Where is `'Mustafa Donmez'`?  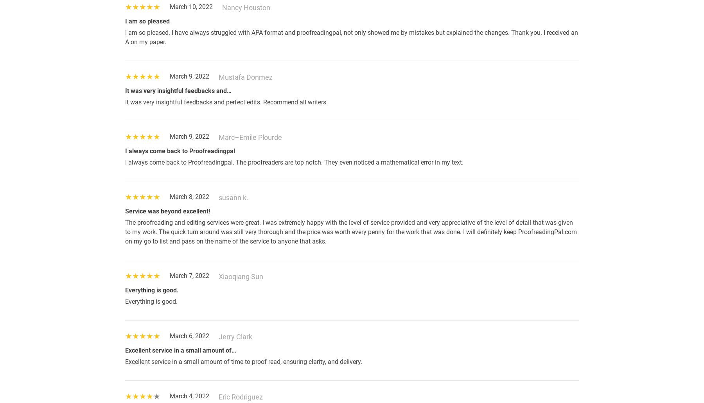
'Mustafa Donmez' is located at coordinates (246, 77).